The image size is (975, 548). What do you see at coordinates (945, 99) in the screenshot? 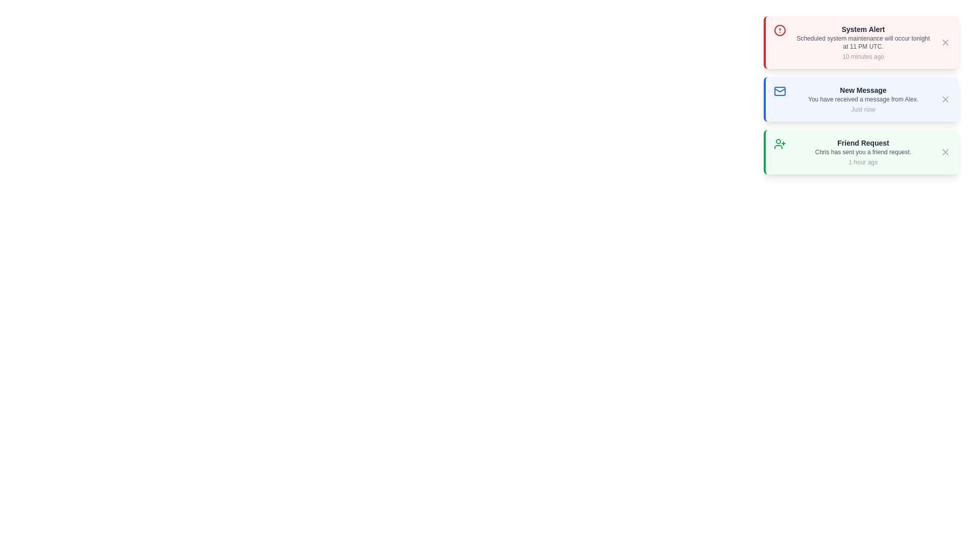
I see `the Close button located at the top-right corner of the 'New Message' notification card to trigger visual feedback` at bounding box center [945, 99].